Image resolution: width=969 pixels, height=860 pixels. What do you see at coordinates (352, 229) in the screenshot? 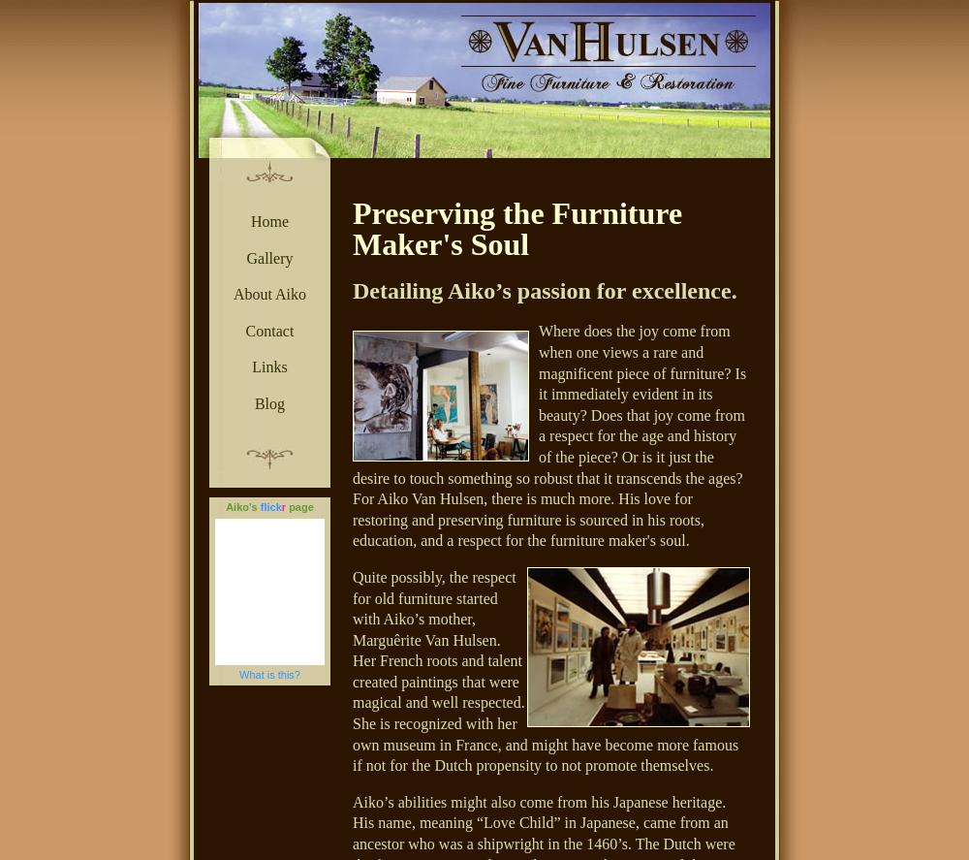
I see `'Preserving the Furniture Maker's Soul'` at bounding box center [352, 229].